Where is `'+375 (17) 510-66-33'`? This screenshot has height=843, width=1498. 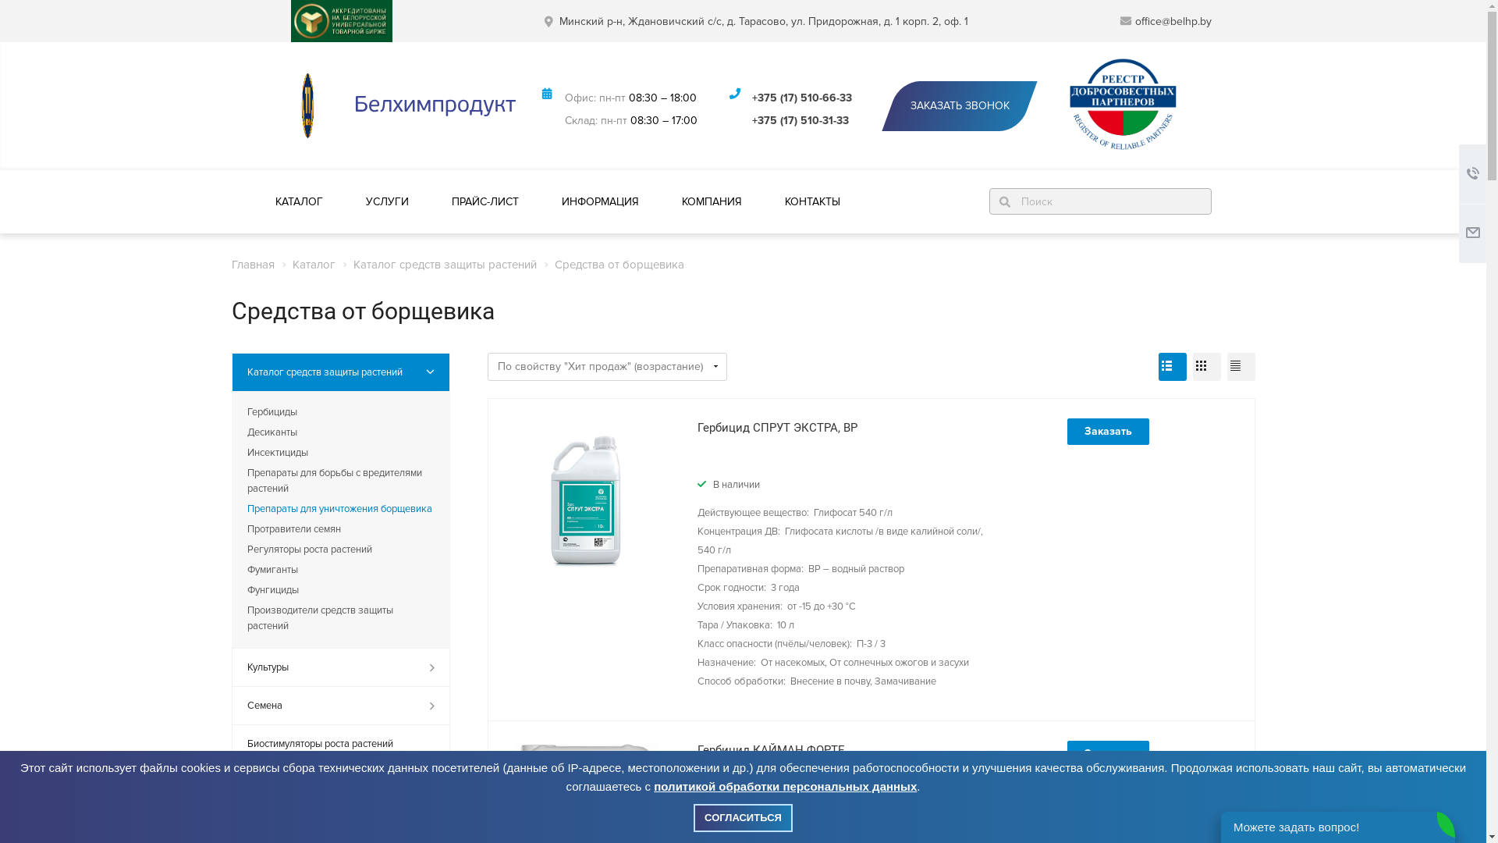 '+375 (17) 510-66-33' is located at coordinates (801, 98).